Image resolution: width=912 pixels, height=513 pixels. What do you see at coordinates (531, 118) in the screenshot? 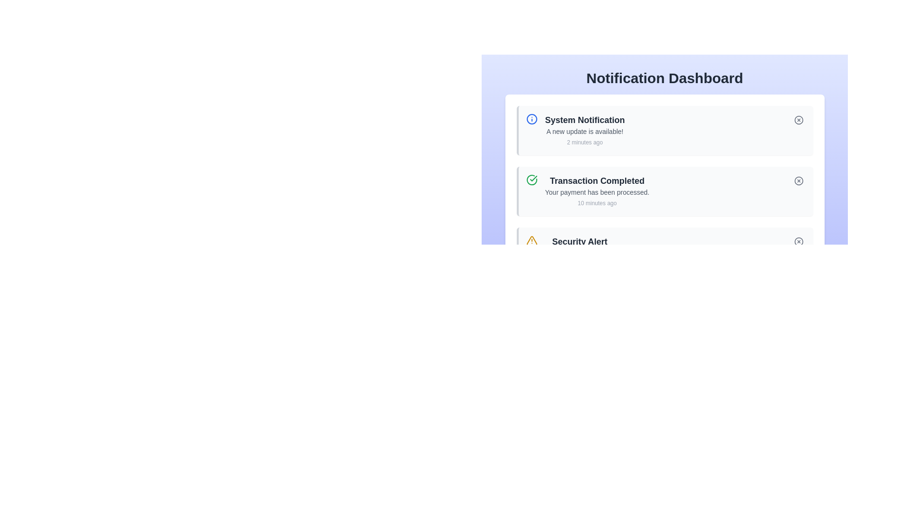
I see `the circular blue information icon with an 'i' symbol located in the top-left corner of the 'System Notification' card` at bounding box center [531, 118].